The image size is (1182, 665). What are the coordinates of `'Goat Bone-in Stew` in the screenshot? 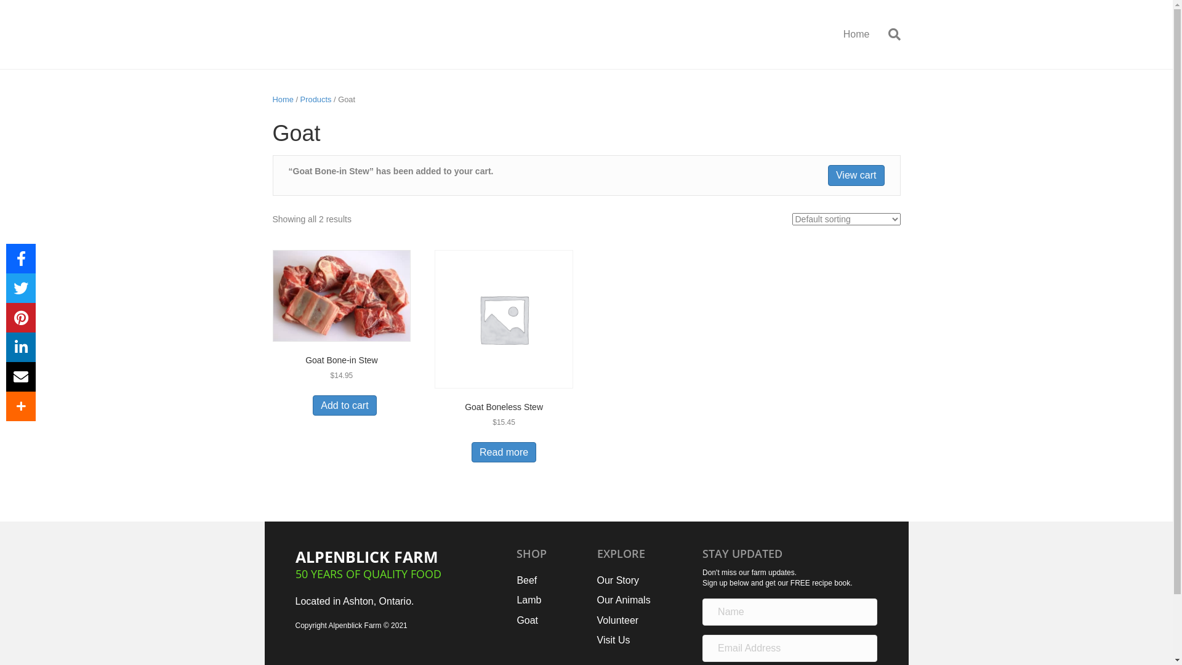 It's located at (271, 329).